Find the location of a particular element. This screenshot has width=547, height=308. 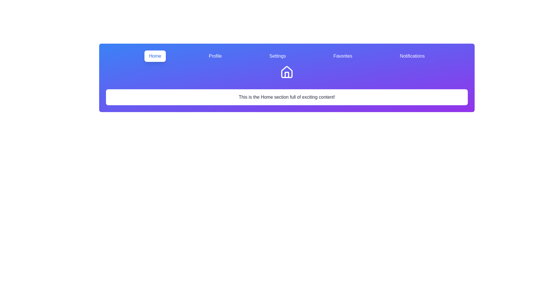

the navigational button located between the 'Home' and 'Settings' buttons is located at coordinates (215, 56).